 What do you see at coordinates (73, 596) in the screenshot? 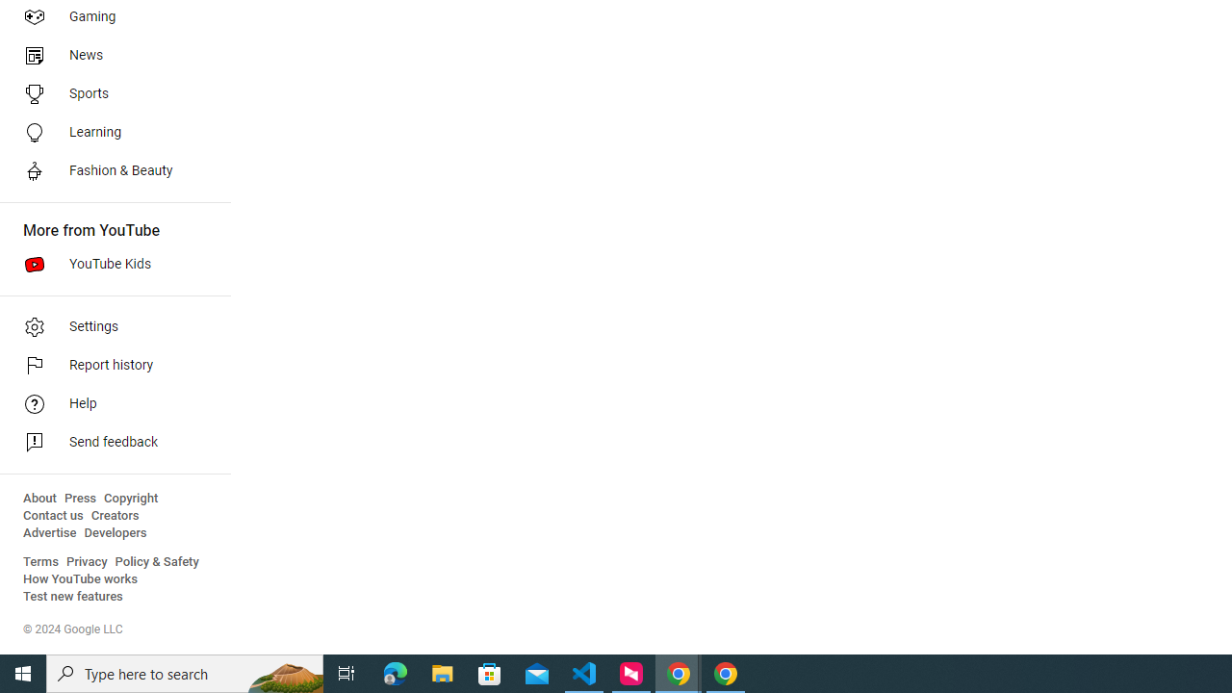
I see `'Test new features'` at bounding box center [73, 596].